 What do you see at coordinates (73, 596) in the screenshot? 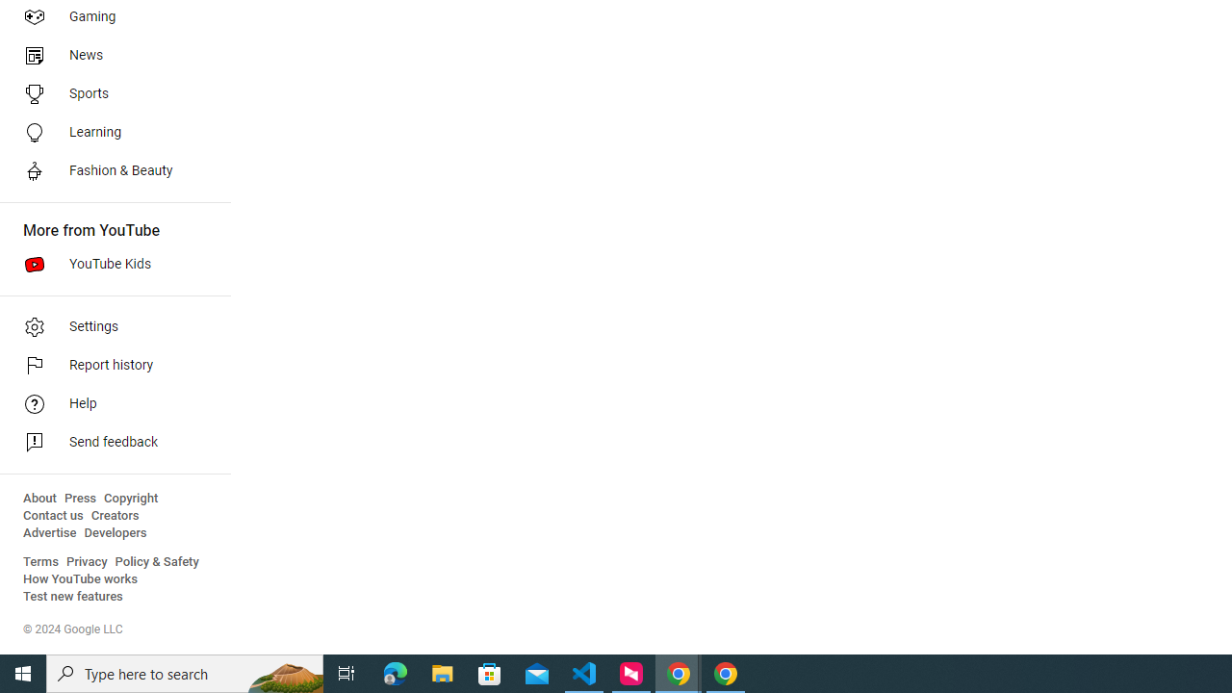
I see `'Test new features'` at bounding box center [73, 596].